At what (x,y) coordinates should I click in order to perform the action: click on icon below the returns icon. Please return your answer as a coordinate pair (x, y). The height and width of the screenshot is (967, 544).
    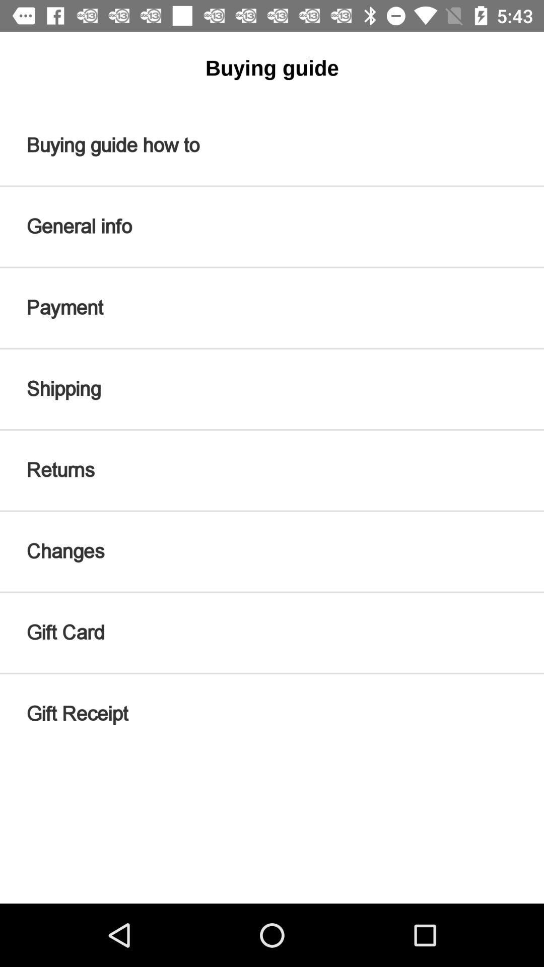
    Looking at the image, I should click on (272, 551).